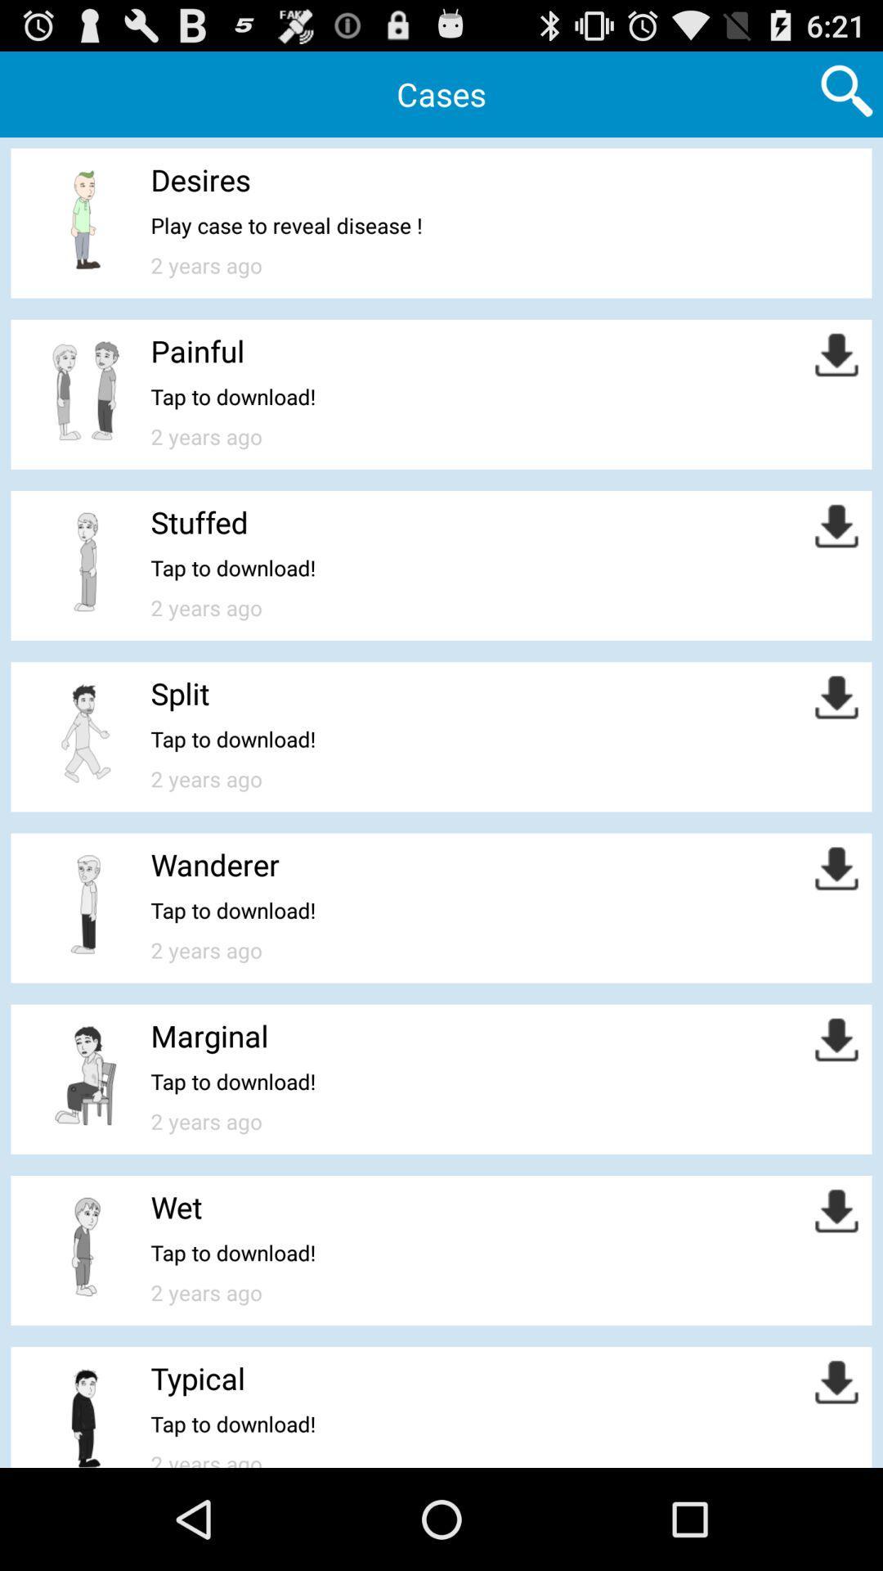 The height and width of the screenshot is (1571, 883). Describe the element at coordinates (177, 1207) in the screenshot. I see `wet icon` at that location.